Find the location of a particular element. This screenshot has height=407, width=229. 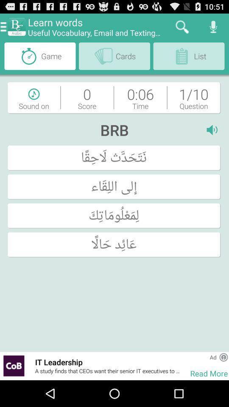

the icon above read more icon is located at coordinates (212, 357).